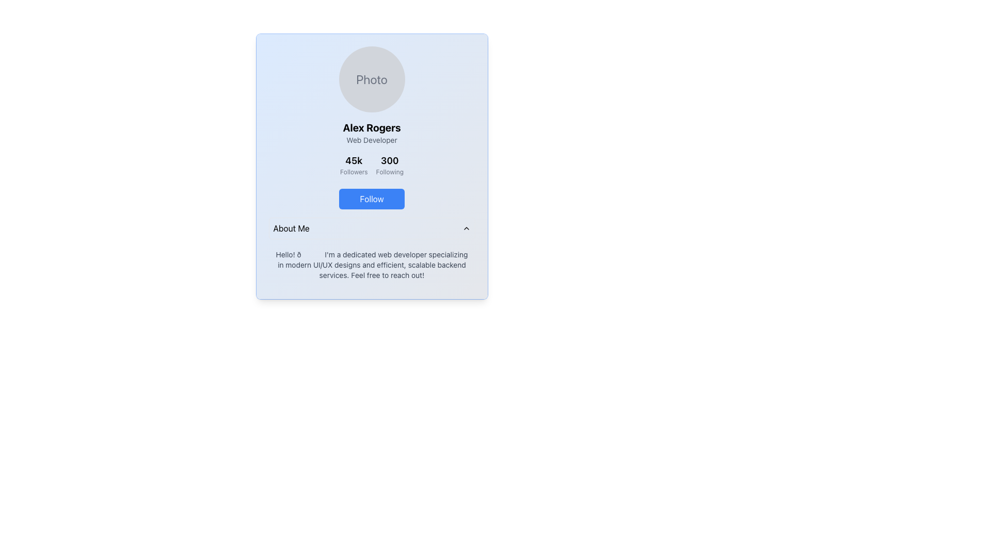 Image resolution: width=991 pixels, height=557 pixels. What do you see at coordinates (372, 140) in the screenshot?
I see `the 'Web Developer' text element, which is centrally aligned within the profile card and positioned below 'Alex Rogers'` at bounding box center [372, 140].